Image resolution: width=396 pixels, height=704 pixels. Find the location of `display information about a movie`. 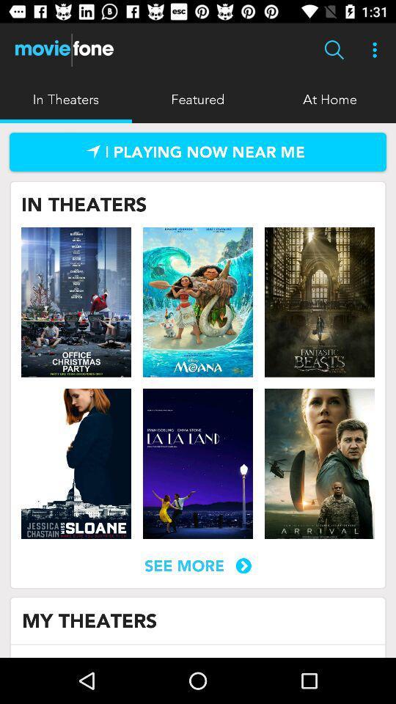

display information about a movie is located at coordinates (76, 301).